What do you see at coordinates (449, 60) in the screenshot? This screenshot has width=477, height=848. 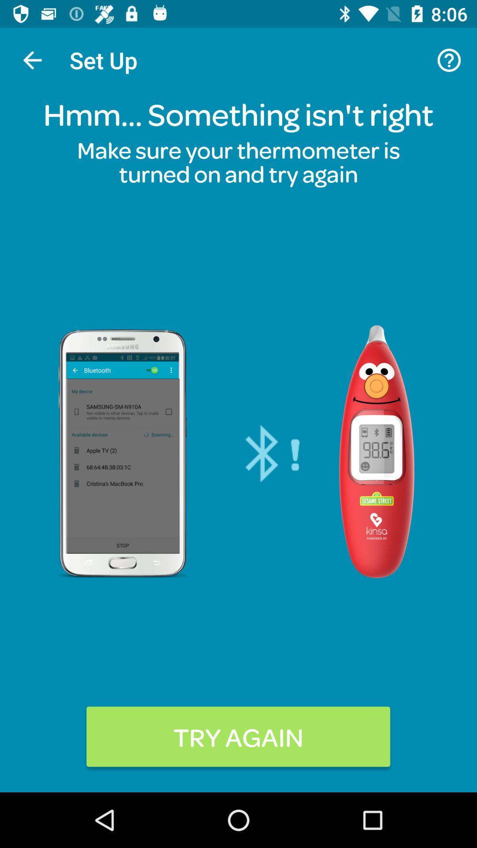 I see `the icon next to the set up item` at bounding box center [449, 60].